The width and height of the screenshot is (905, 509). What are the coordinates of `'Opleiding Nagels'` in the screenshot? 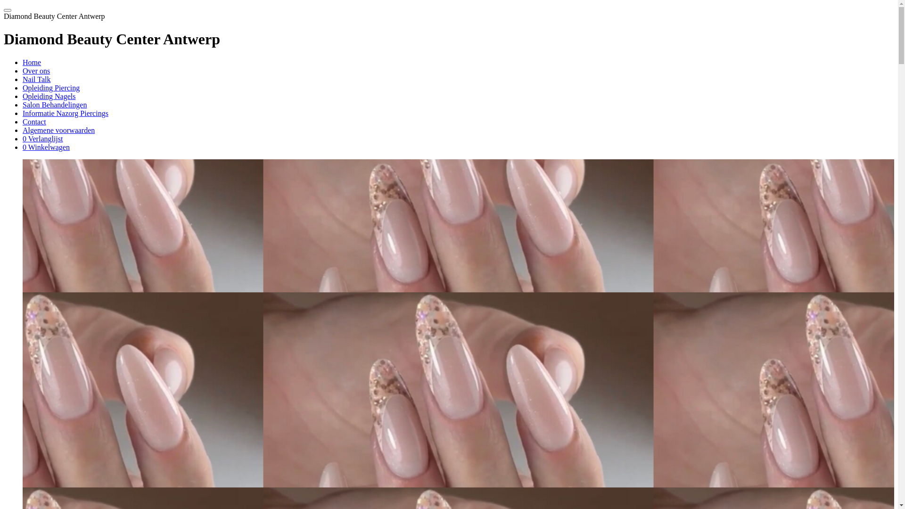 It's located at (49, 96).